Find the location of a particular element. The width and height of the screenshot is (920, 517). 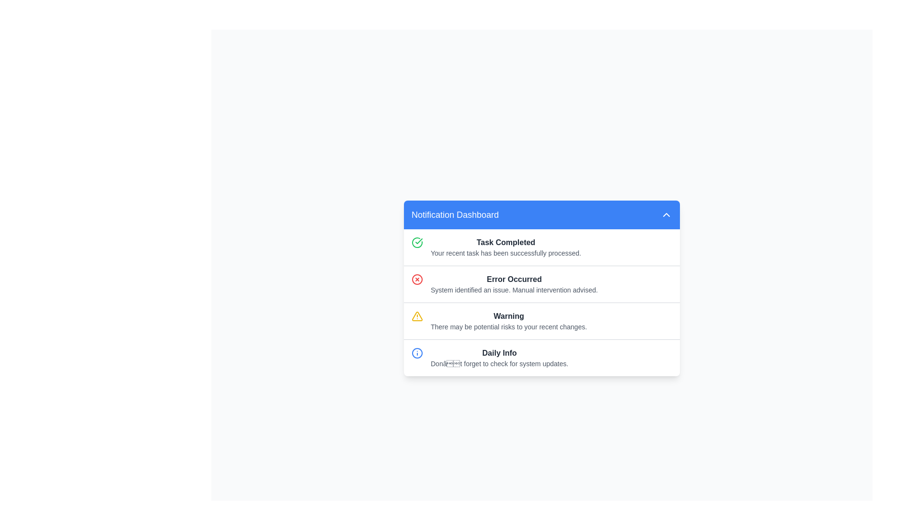

the 'Warning' text label, which is bolded and dark gray in color, located in the third section of a notification card is located at coordinates (508, 316).